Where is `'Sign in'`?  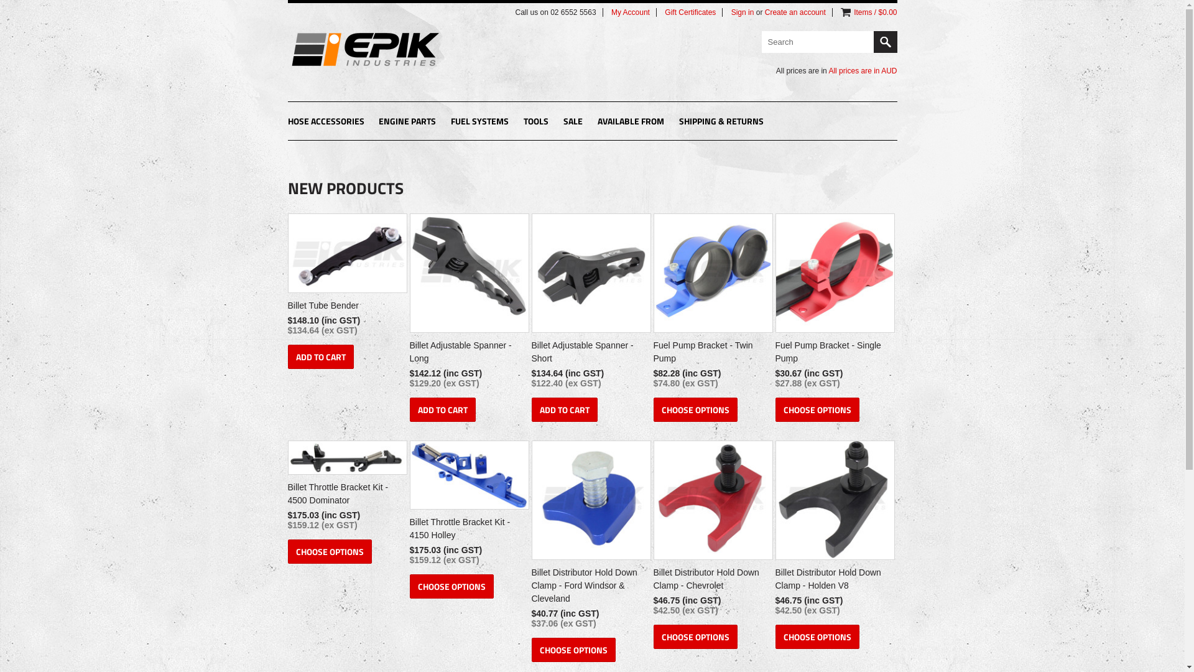
'Sign in' is located at coordinates (731, 12).